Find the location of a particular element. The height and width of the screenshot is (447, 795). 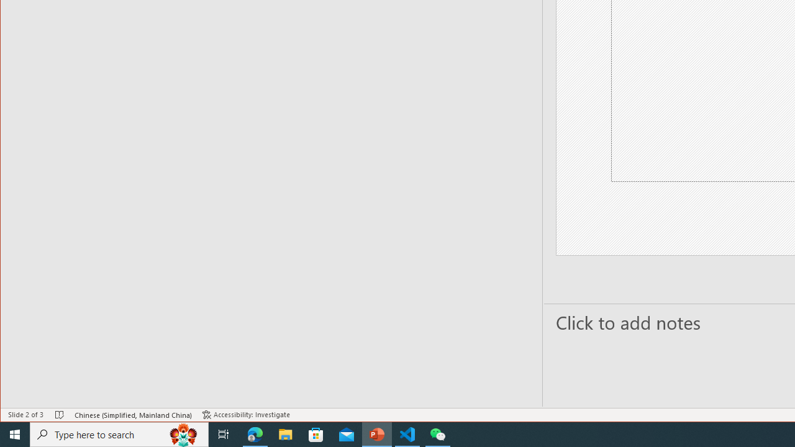

'WeChat - 1 running window' is located at coordinates (438, 433).